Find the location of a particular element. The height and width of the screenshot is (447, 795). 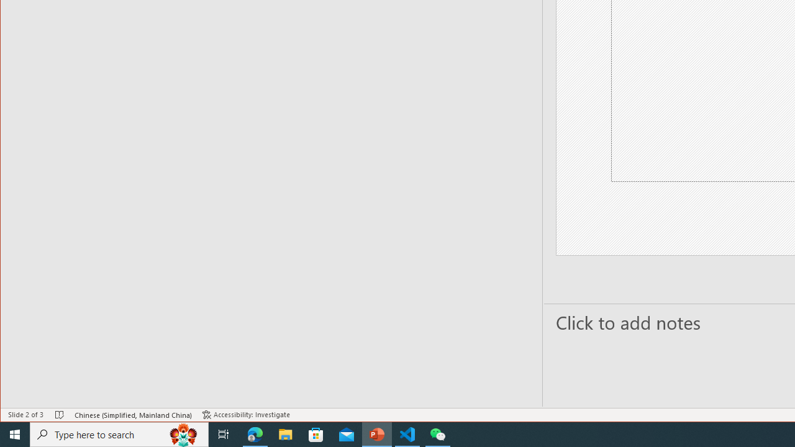

'WeChat - 1 running window' is located at coordinates (438, 433).